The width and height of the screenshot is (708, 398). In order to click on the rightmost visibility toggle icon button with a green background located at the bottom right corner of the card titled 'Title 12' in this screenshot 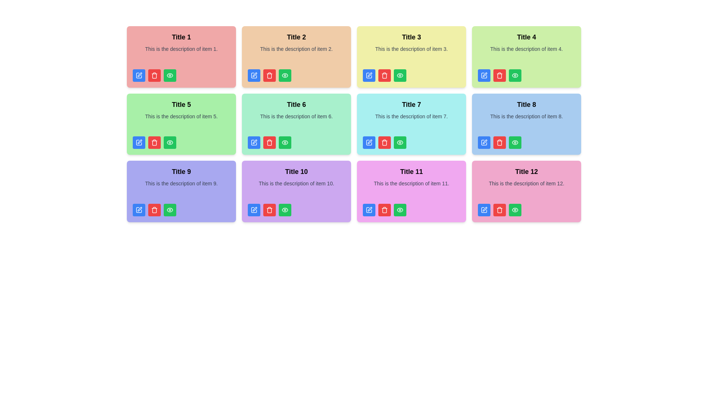, I will do `click(514, 210)`.